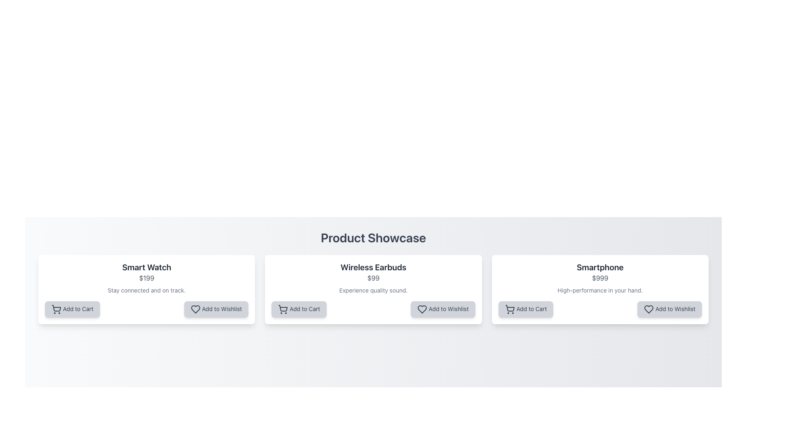 The width and height of the screenshot is (791, 445). I want to click on the shopping cart icon within the 'Add to Cart' button located under the 'Smartphone' product section, so click(509, 308).